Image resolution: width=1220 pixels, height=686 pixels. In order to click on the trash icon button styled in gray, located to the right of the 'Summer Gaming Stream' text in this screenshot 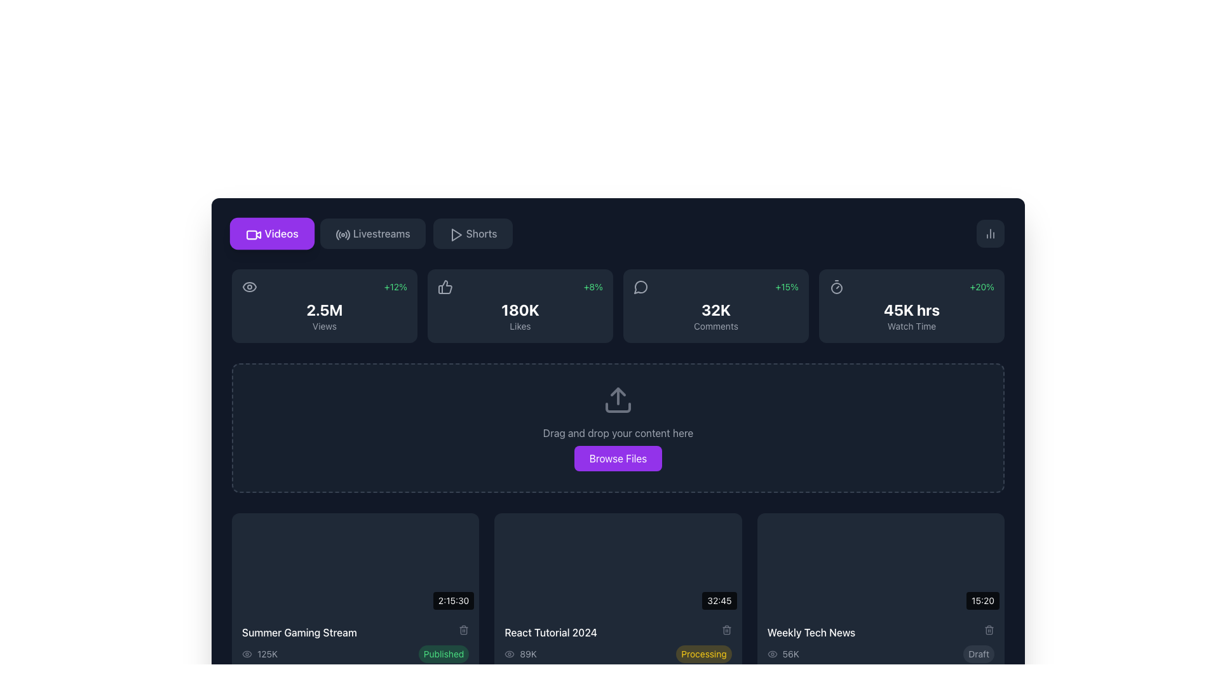, I will do `click(463, 629)`.